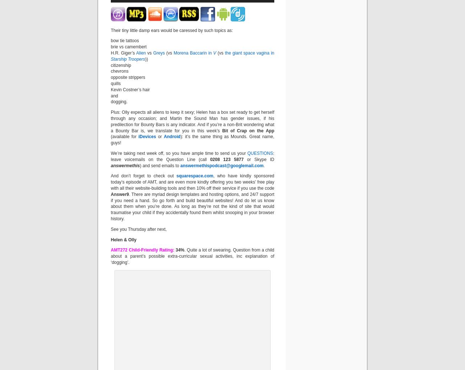  Describe the element at coordinates (125, 165) in the screenshot. I see `'answermethis'` at that location.